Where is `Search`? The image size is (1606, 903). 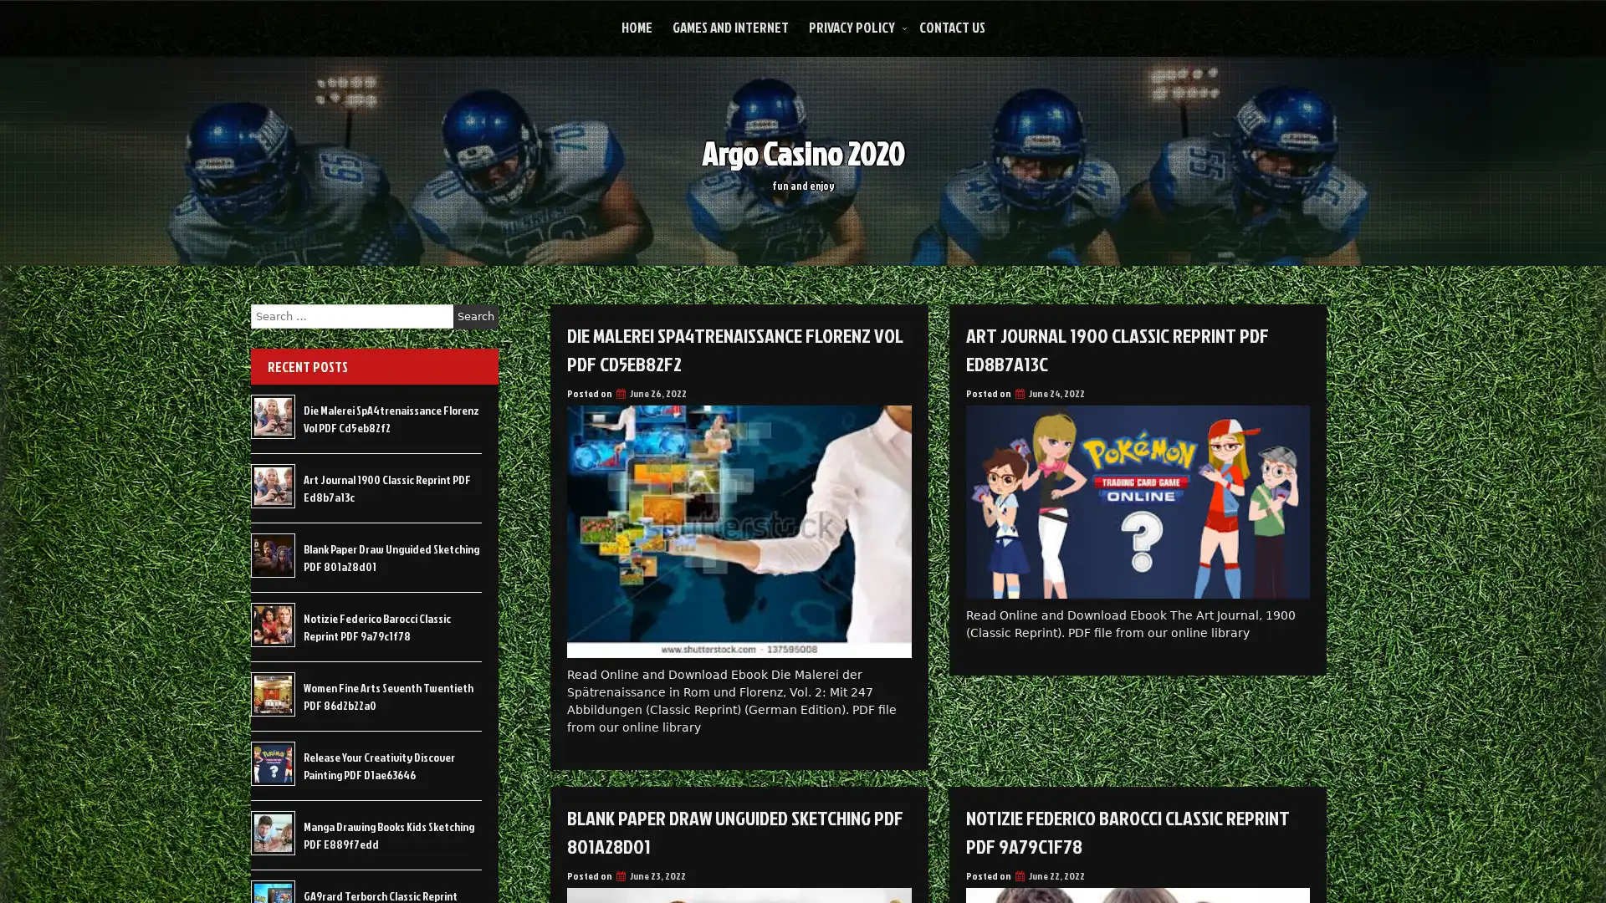
Search is located at coordinates (475, 316).